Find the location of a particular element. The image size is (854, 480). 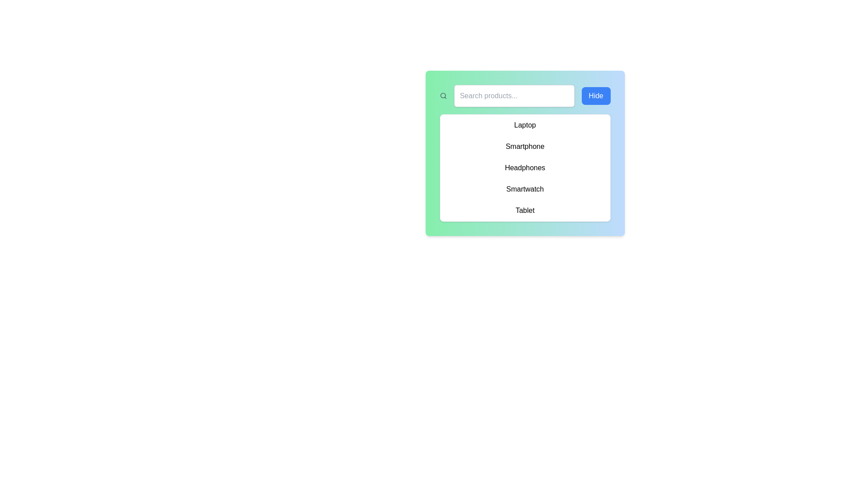

the fifth item in the list, which allows the user to select 'Tablet' from the menu is located at coordinates (525, 211).